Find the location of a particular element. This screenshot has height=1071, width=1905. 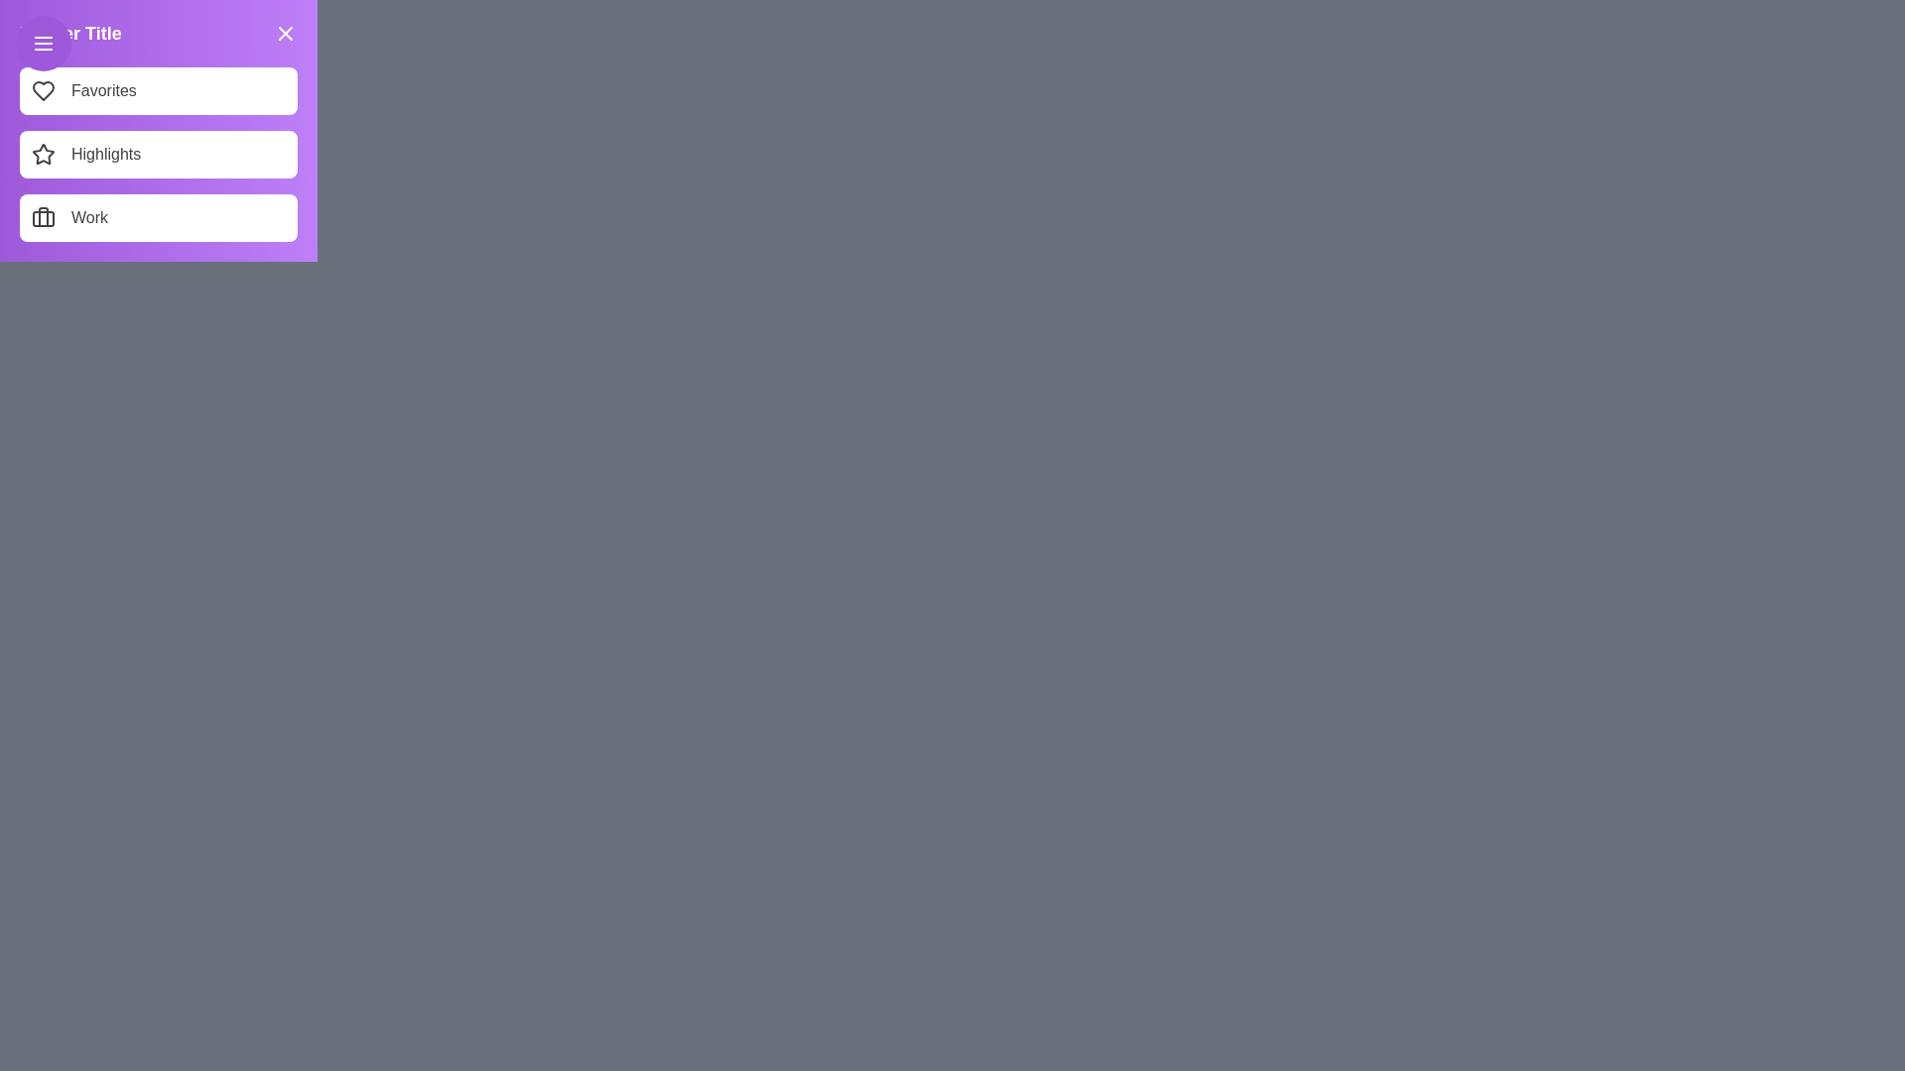

the close button for the 'Drawer Title' panel is located at coordinates (285, 34).